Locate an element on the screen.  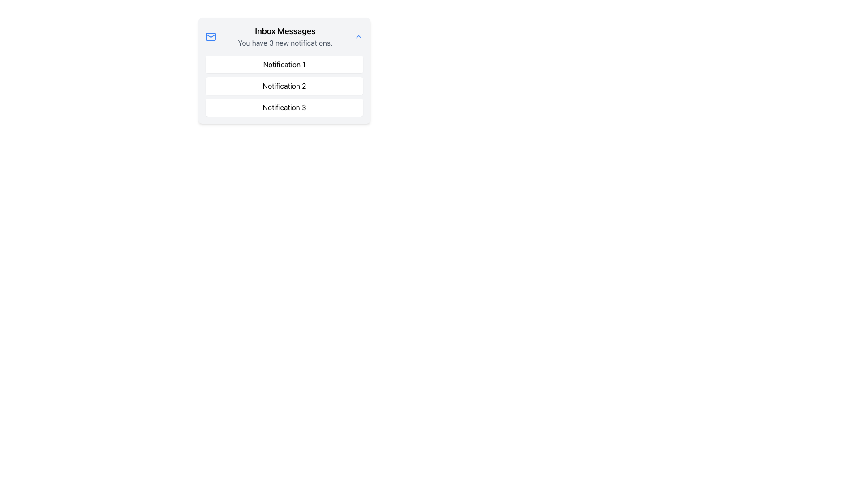
the text displayed on the notification entry within the 'Inbox Messages' list, which is the second item in the stack of notifications is located at coordinates (284, 86).